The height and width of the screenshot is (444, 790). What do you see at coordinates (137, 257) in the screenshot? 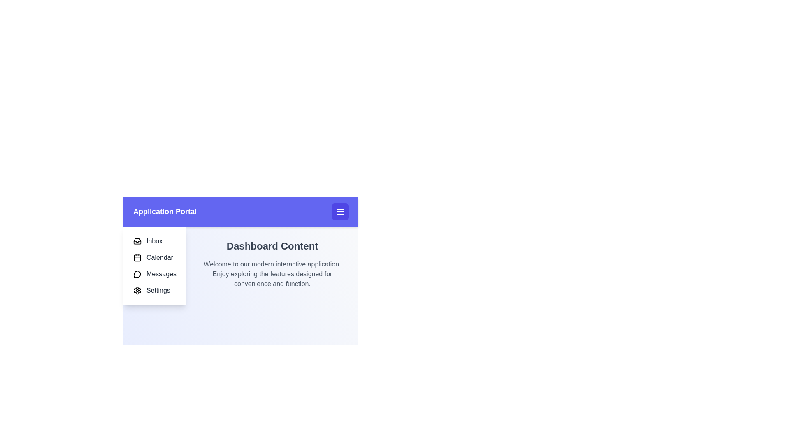
I see `the graphic component of the calendar icon located in the second item of the navigation bar` at bounding box center [137, 257].